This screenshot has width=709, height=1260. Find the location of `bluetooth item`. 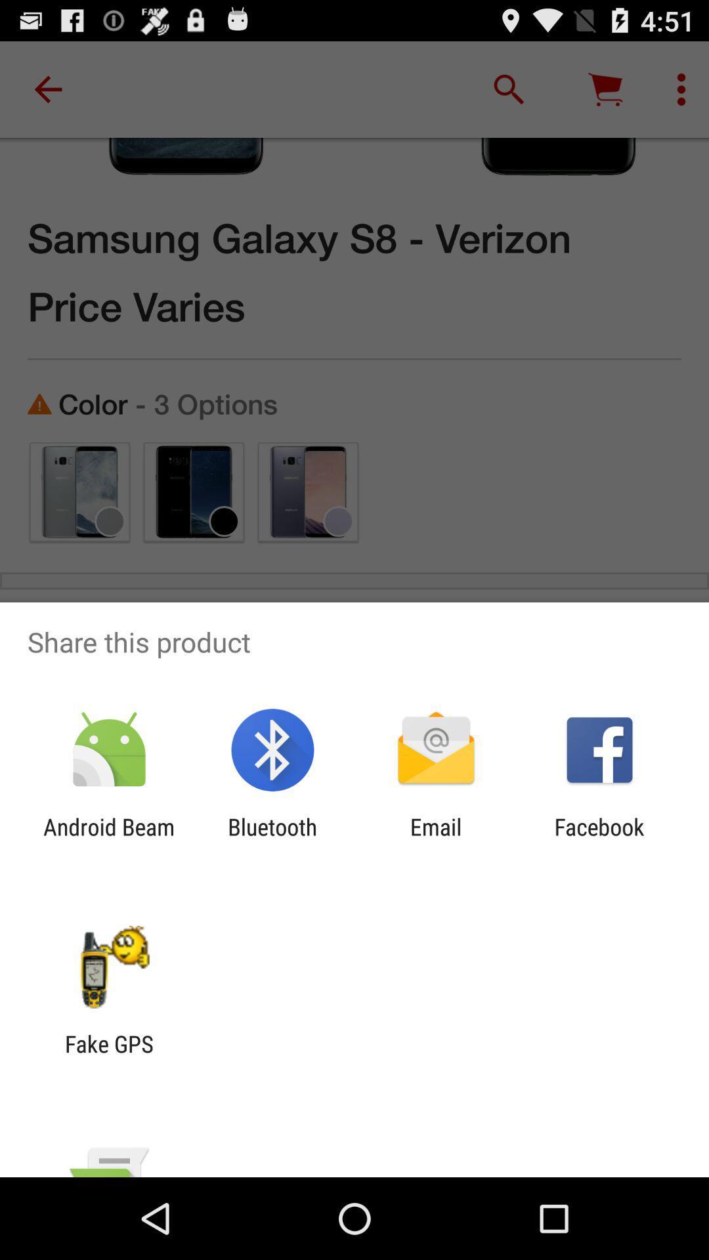

bluetooth item is located at coordinates (272, 841).